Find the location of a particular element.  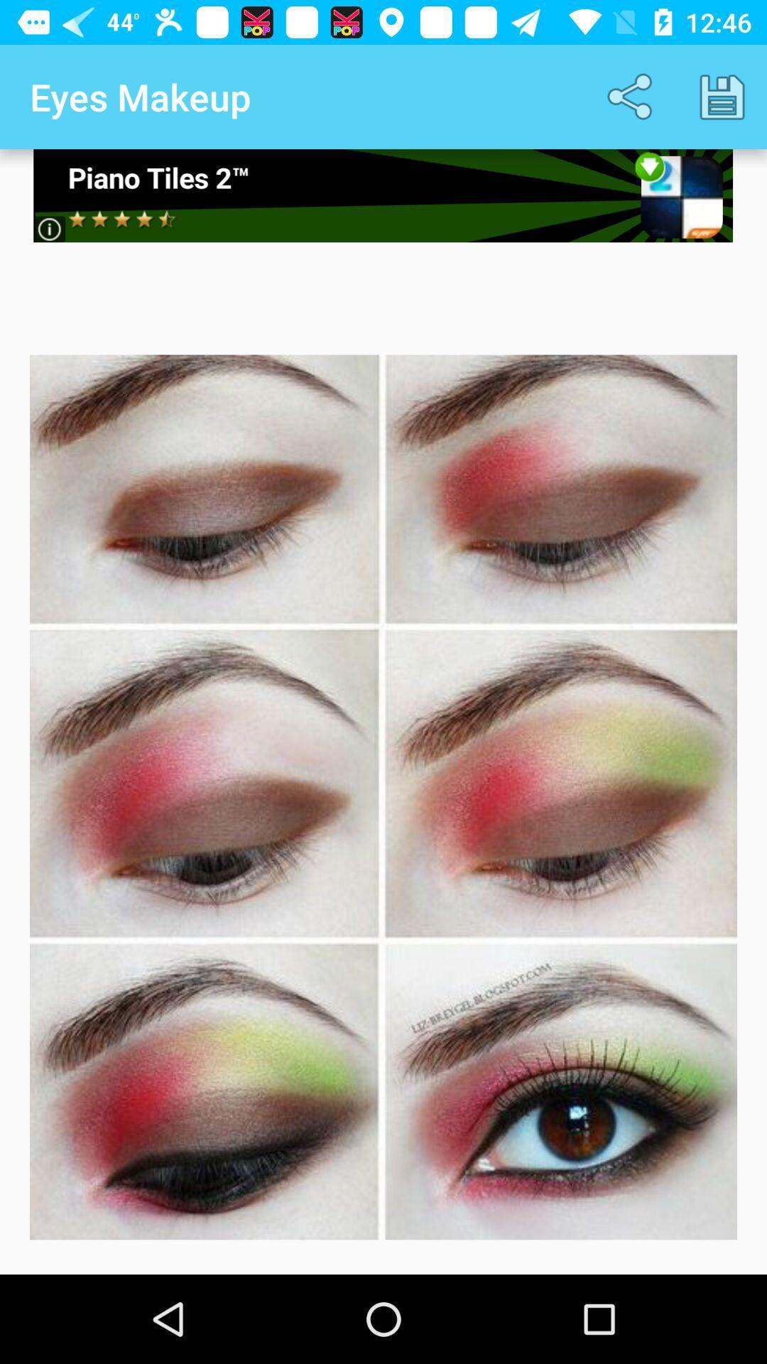

the icon to the right of the eyes makeup app is located at coordinates (632, 96).